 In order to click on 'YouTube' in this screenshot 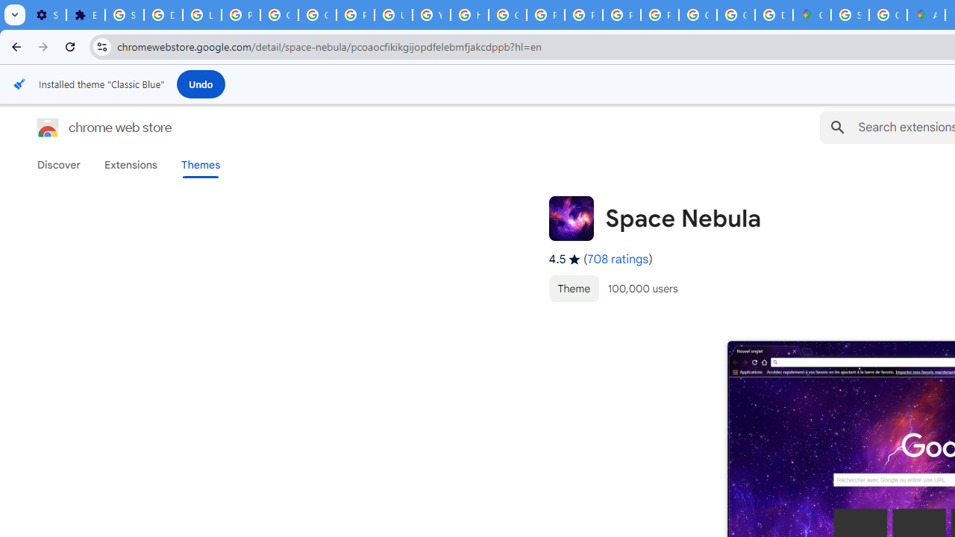, I will do `click(430, 15)`.